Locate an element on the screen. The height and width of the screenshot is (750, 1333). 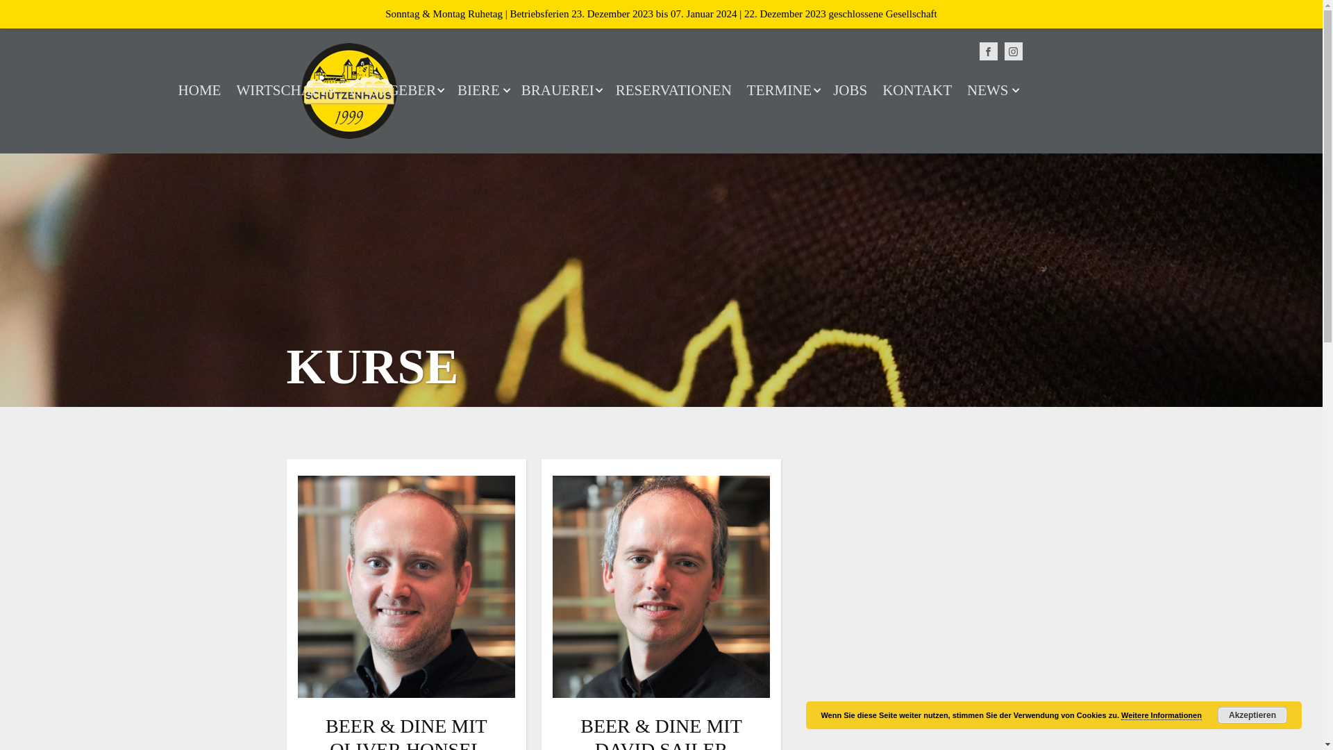
'BRAUEREI' is located at coordinates (560, 91).